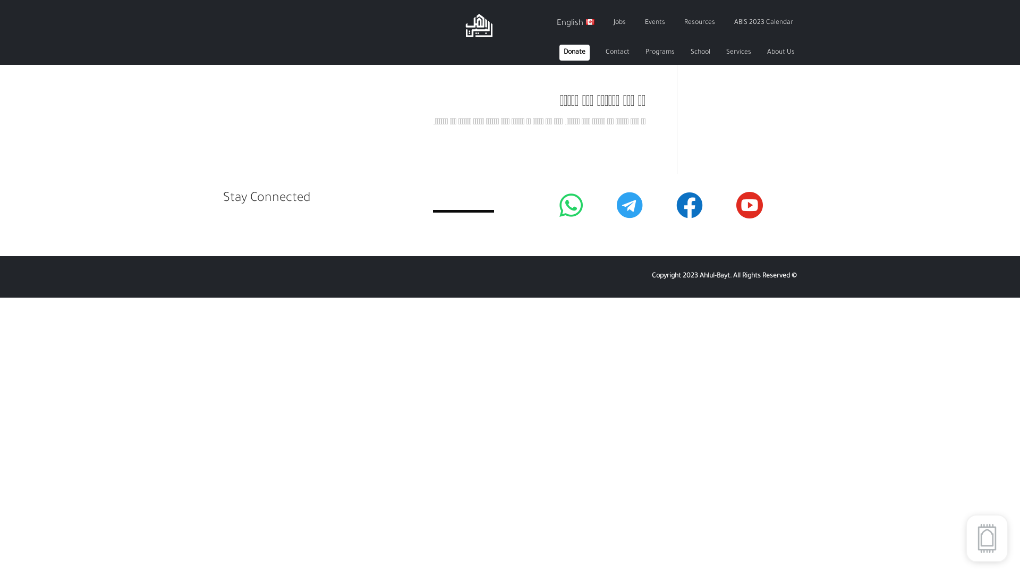 This screenshot has height=574, width=1020. Describe the element at coordinates (575, 23) in the screenshot. I see `'English'` at that location.